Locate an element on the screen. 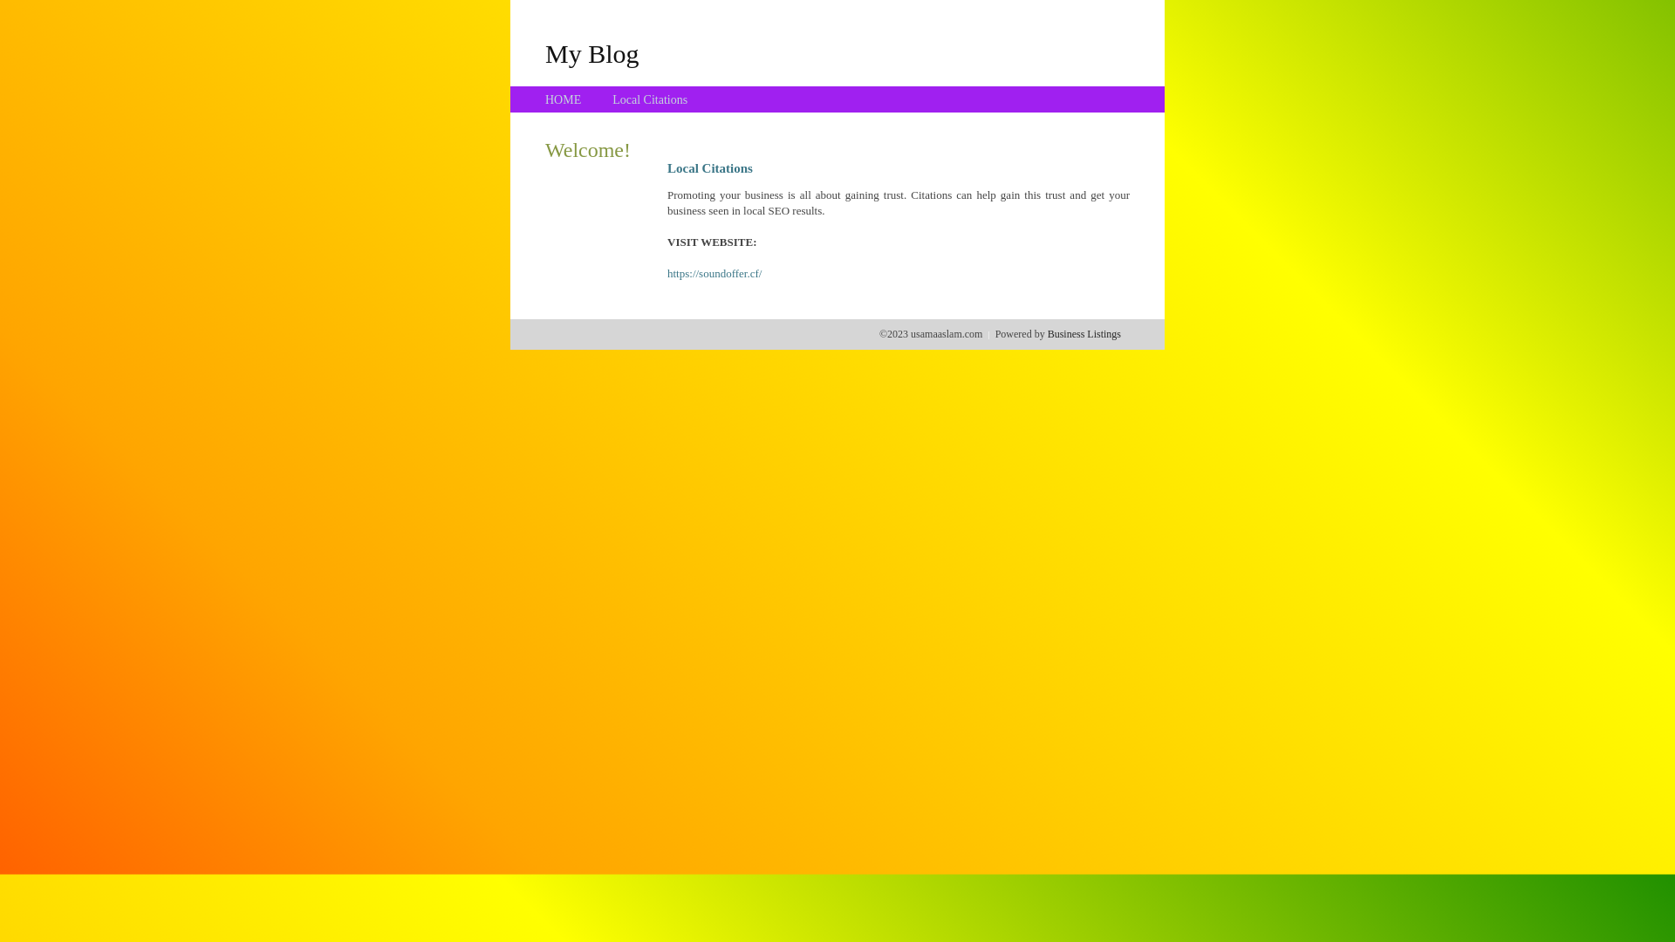 This screenshot has height=942, width=1675. 'https://soundoffer.cf/' is located at coordinates (714, 273).